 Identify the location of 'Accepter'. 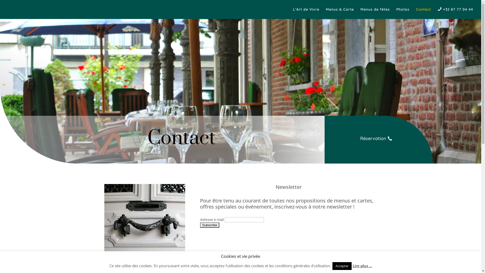
(342, 266).